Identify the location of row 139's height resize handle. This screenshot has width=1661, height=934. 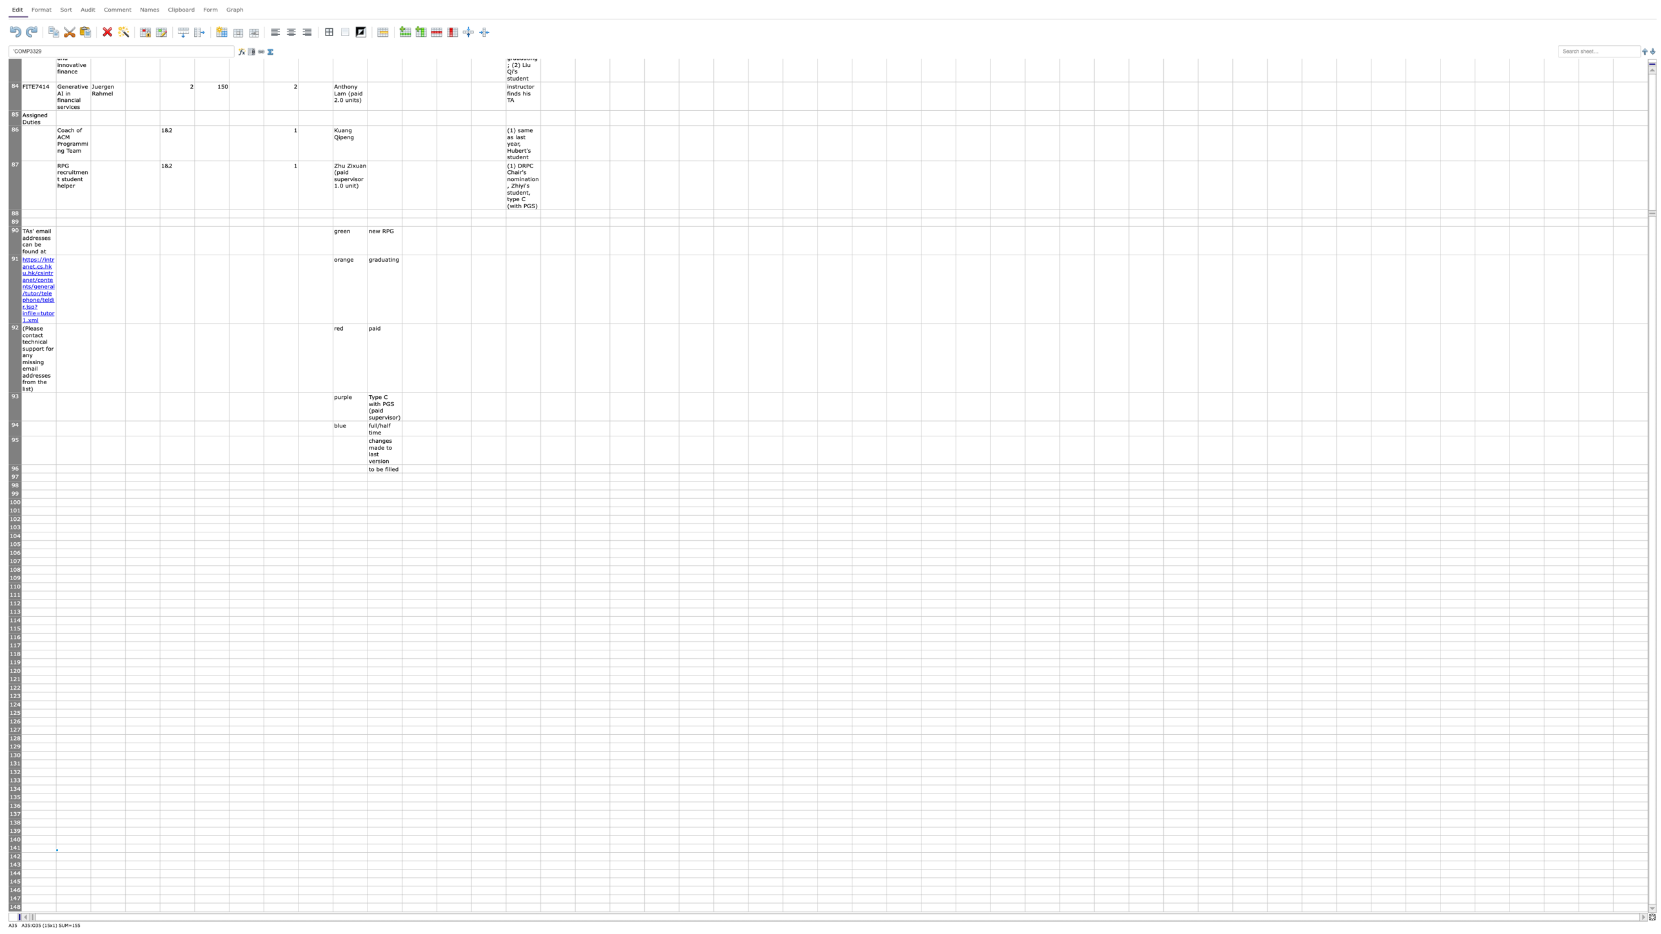
(15, 835).